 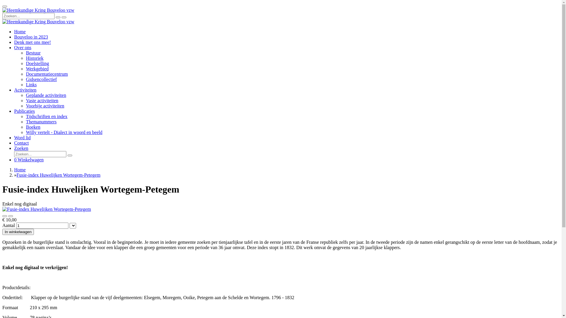 I want to click on 'Themanummers', so click(x=41, y=121).